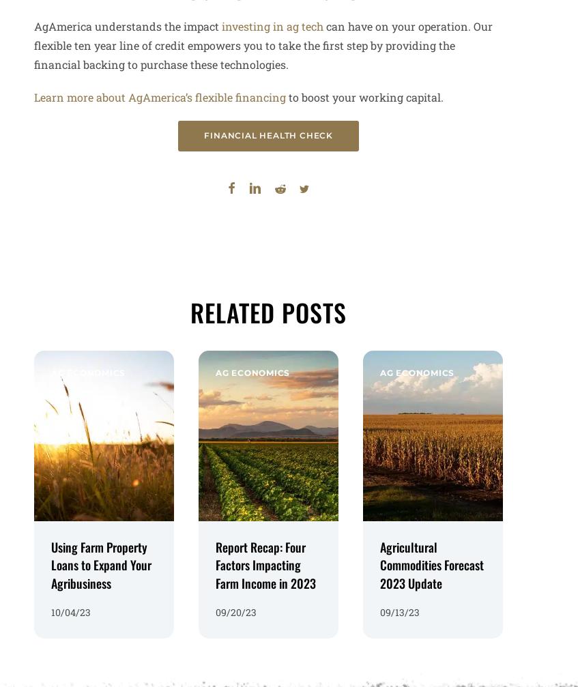  I want to click on 'investing in ag tech', so click(272, 26).